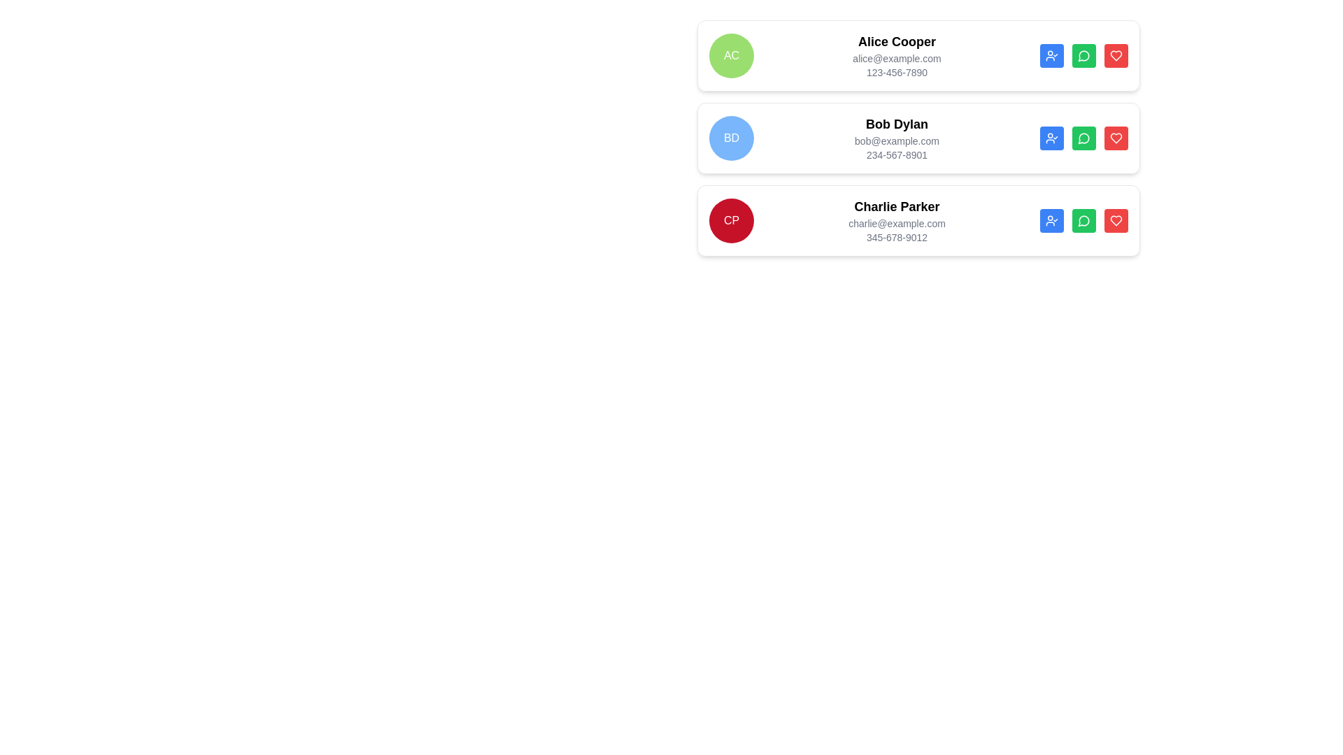  What do you see at coordinates (1051, 220) in the screenshot?
I see `the confirmation icon button for 'Charlie Parker'` at bounding box center [1051, 220].